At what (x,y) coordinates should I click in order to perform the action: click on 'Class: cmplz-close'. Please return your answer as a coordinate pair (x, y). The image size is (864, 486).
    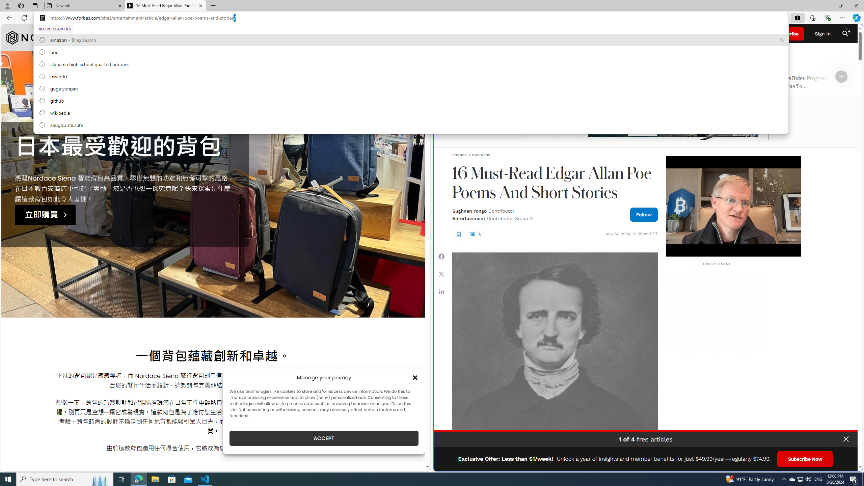
    Looking at the image, I should click on (415, 377).